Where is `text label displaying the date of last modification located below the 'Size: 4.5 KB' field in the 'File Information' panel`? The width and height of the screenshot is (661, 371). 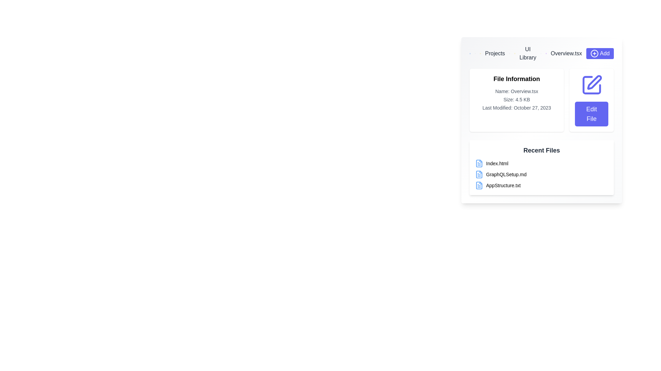
text label displaying the date of last modification located below the 'Size: 4.5 KB' field in the 'File Information' panel is located at coordinates (517, 108).